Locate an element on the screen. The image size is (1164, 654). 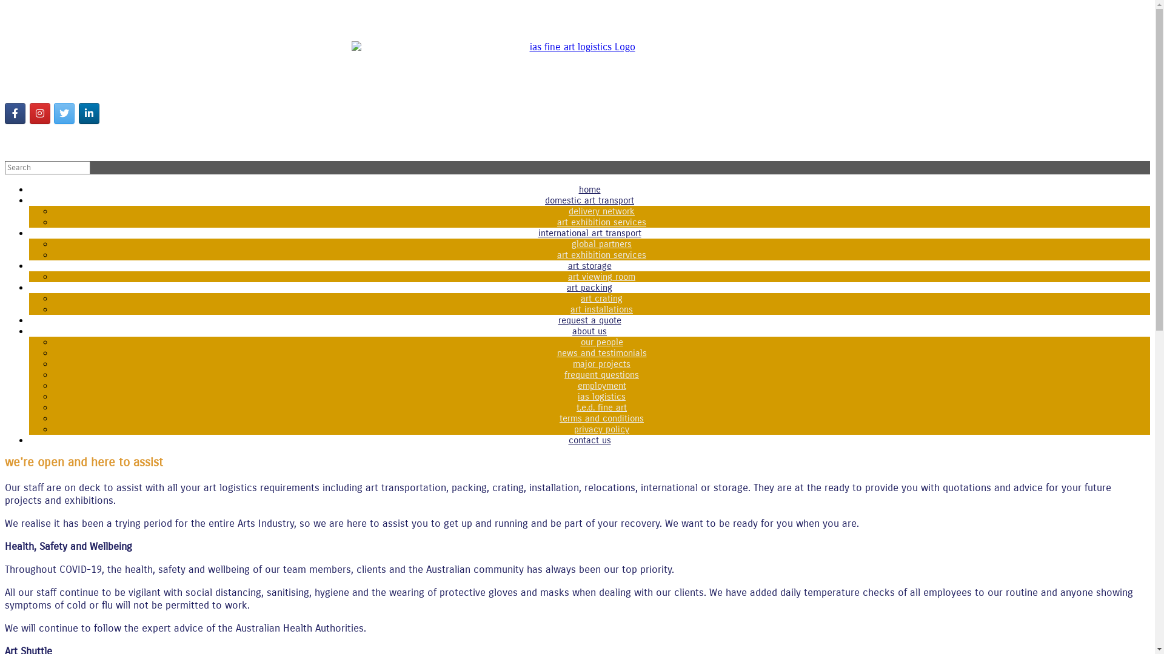
'art storage' is located at coordinates (589, 265).